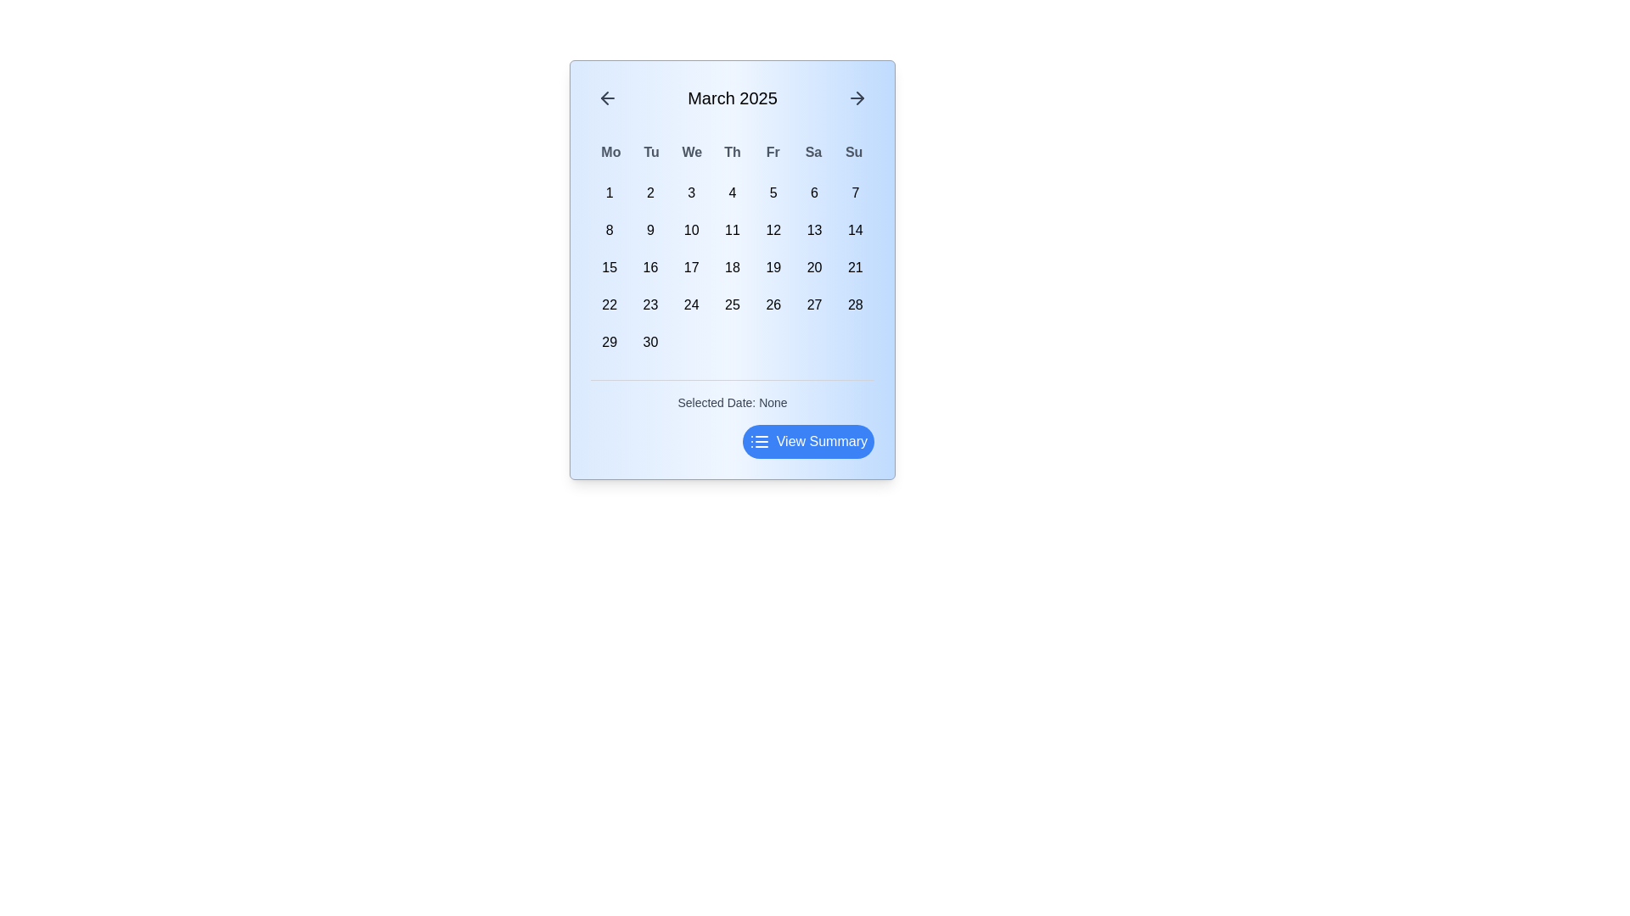 This screenshot has height=916, width=1630. Describe the element at coordinates (855, 192) in the screenshot. I see `the rounded button displaying the number '7' located in the first row under the 'Su' (Sunday) column of the calendar interface for March 2025` at that location.